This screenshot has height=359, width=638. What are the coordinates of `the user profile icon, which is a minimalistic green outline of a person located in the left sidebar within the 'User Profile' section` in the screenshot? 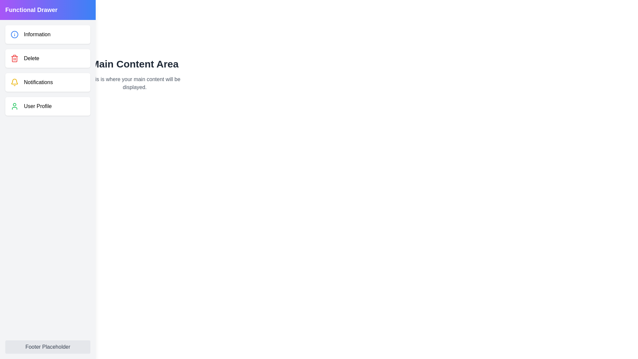 It's located at (14, 106).